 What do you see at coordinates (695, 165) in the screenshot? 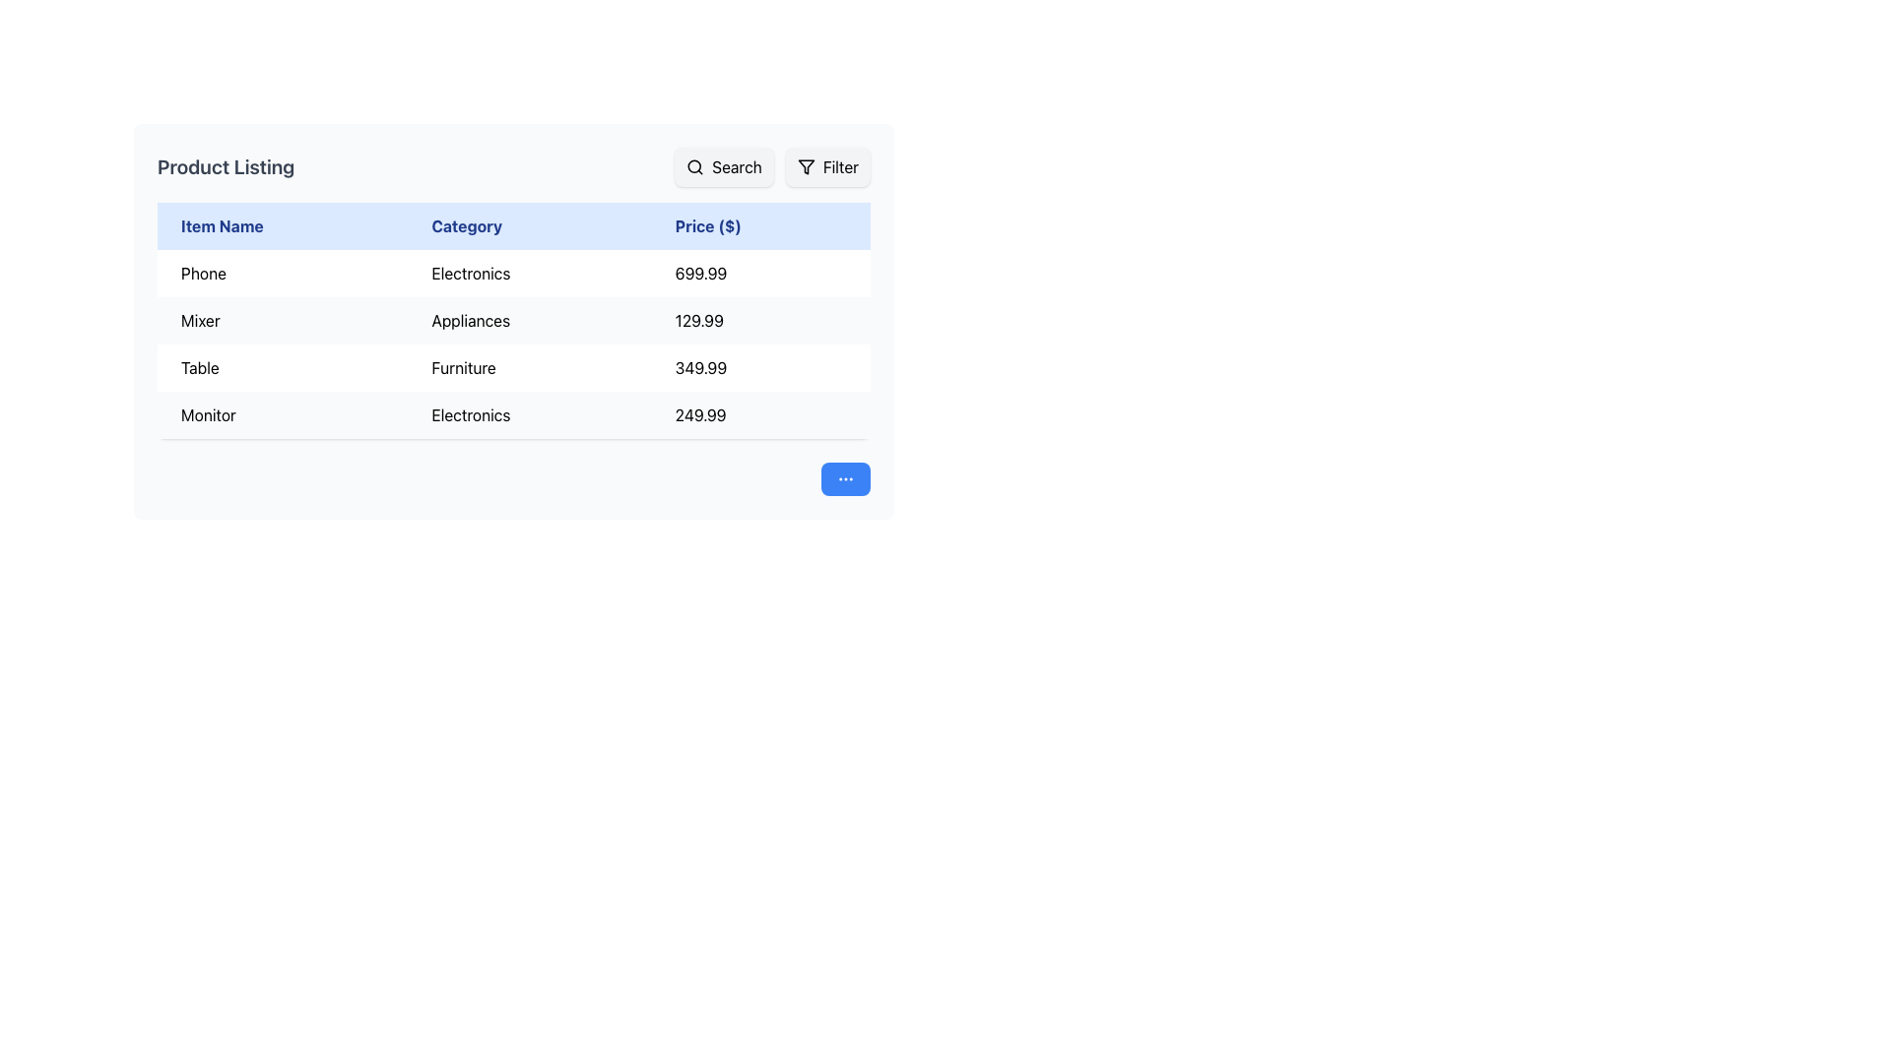
I see `the magnifying glass icon within the 'Search' button to observe any hover-specific effects` at bounding box center [695, 165].